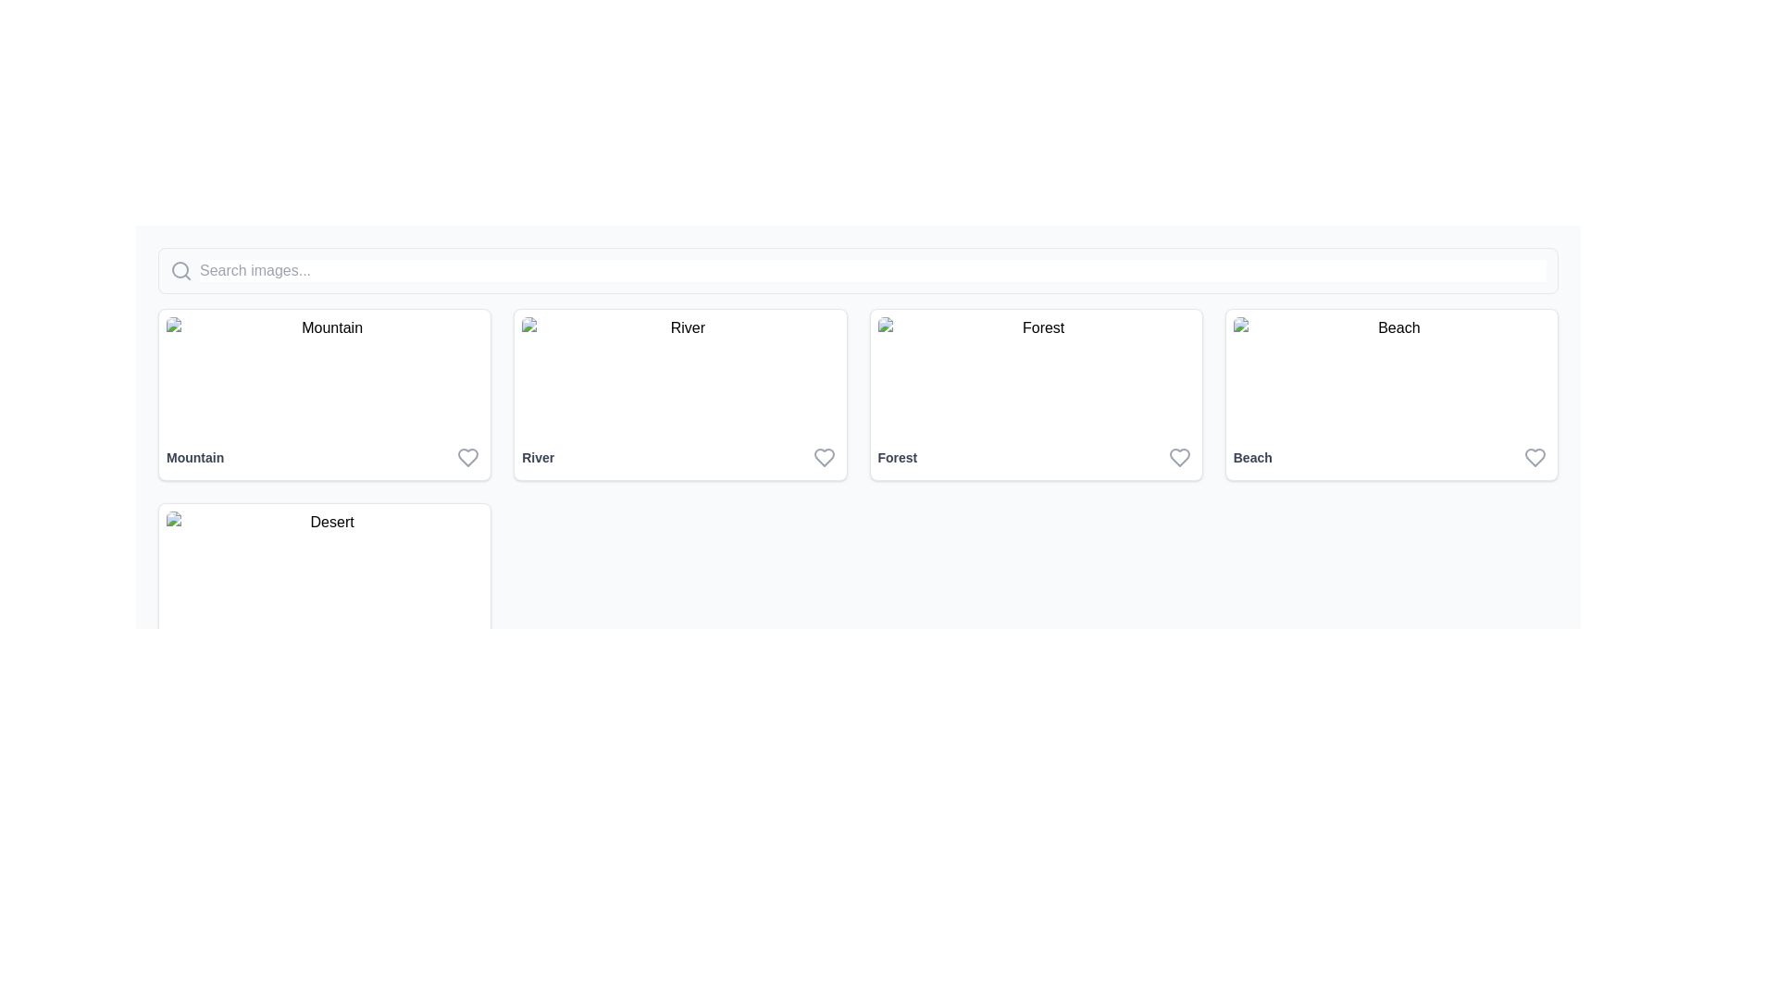  What do you see at coordinates (1178, 457) in the screenshot?
I see `the favorite button located in the top-right corner of the 'Forest' card to check for any response` at bounding box center [1178, 457].